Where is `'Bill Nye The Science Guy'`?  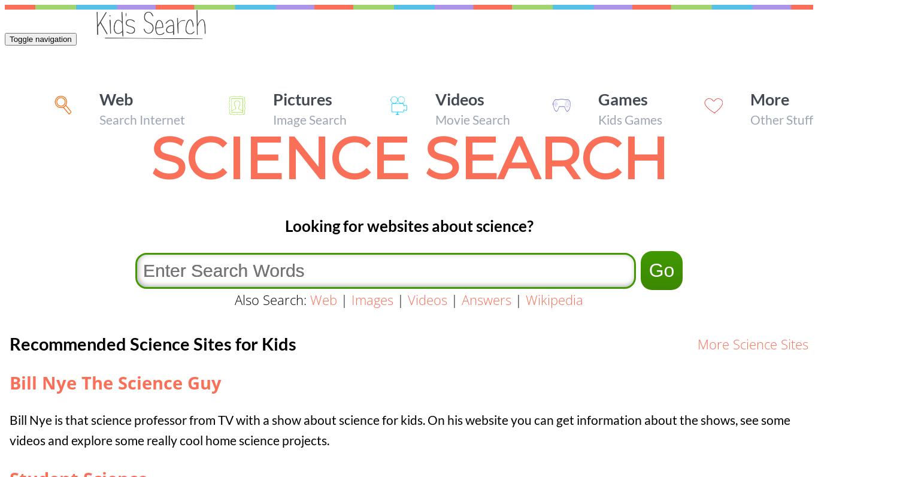
'Bill Nye The Science Guy' is located at coordinates (115, 382).